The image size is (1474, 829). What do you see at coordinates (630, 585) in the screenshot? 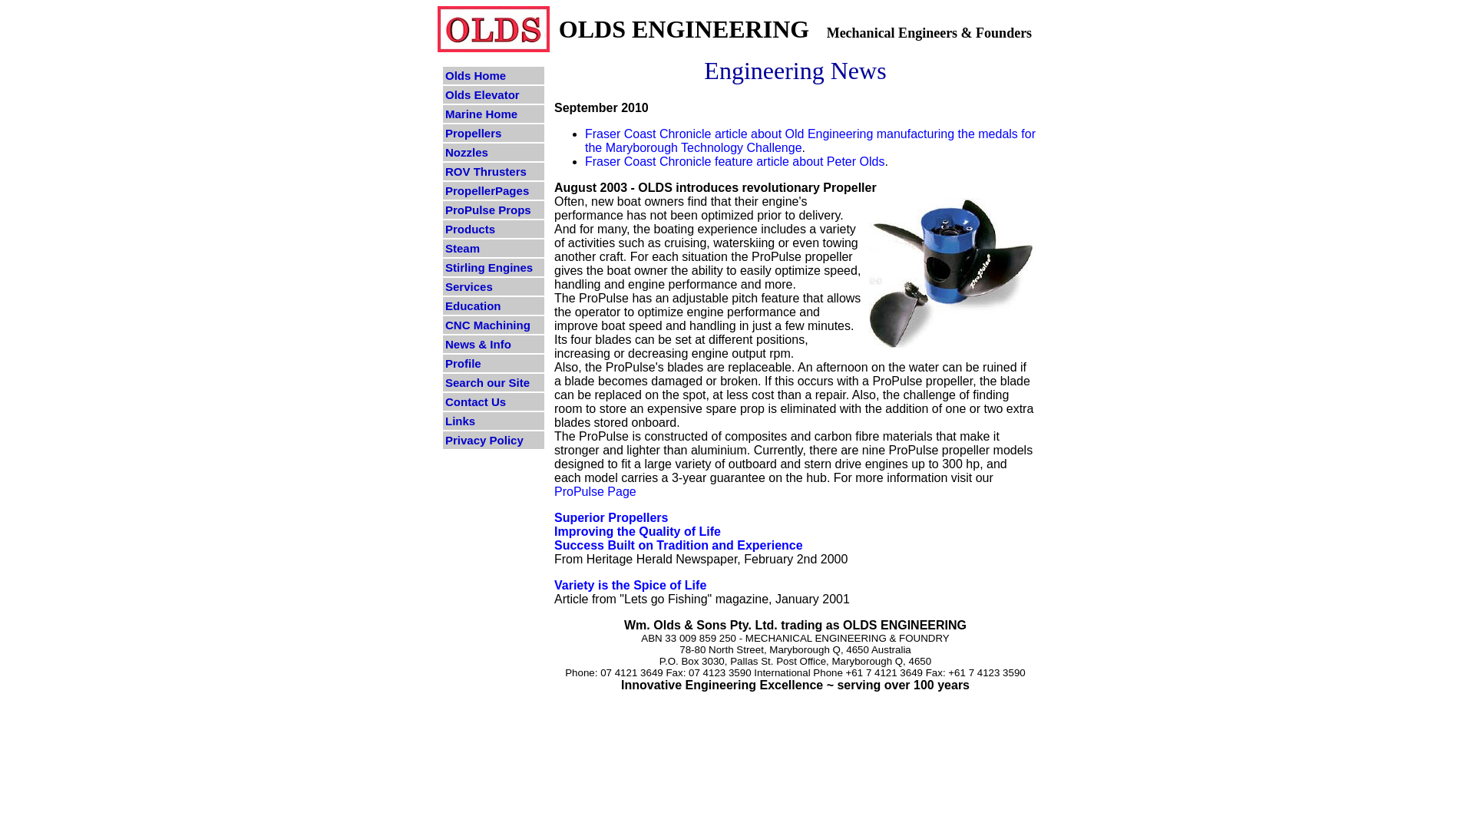
I see `'Variety is the Spice of Life'` at bounding box center [630, 585].